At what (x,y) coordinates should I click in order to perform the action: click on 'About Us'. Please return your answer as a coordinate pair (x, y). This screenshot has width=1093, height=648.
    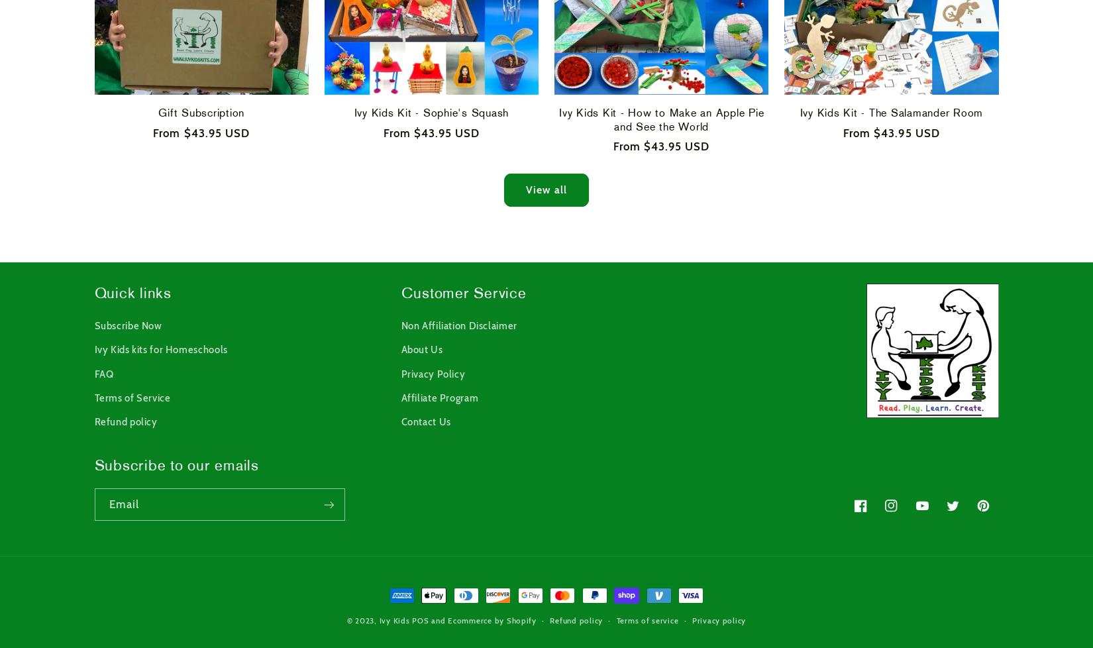
    Looking at the image, I should click on (421, 350).